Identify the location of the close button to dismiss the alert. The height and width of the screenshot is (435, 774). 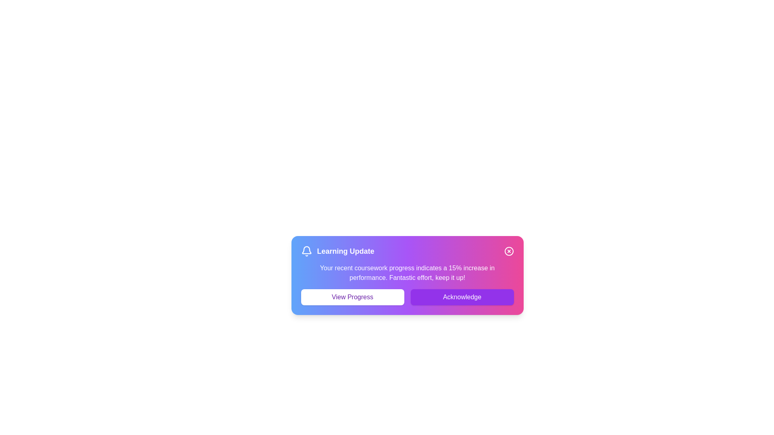
(508, 251).